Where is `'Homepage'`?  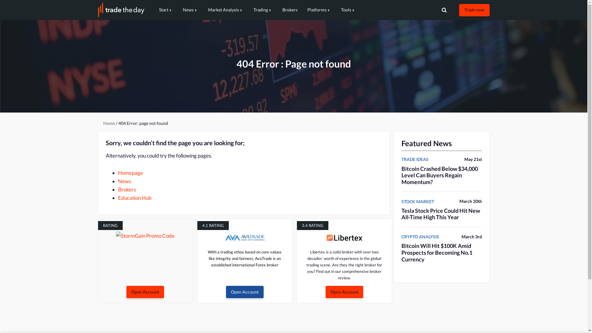 'Homepage' is located at coordinates (130, 173).